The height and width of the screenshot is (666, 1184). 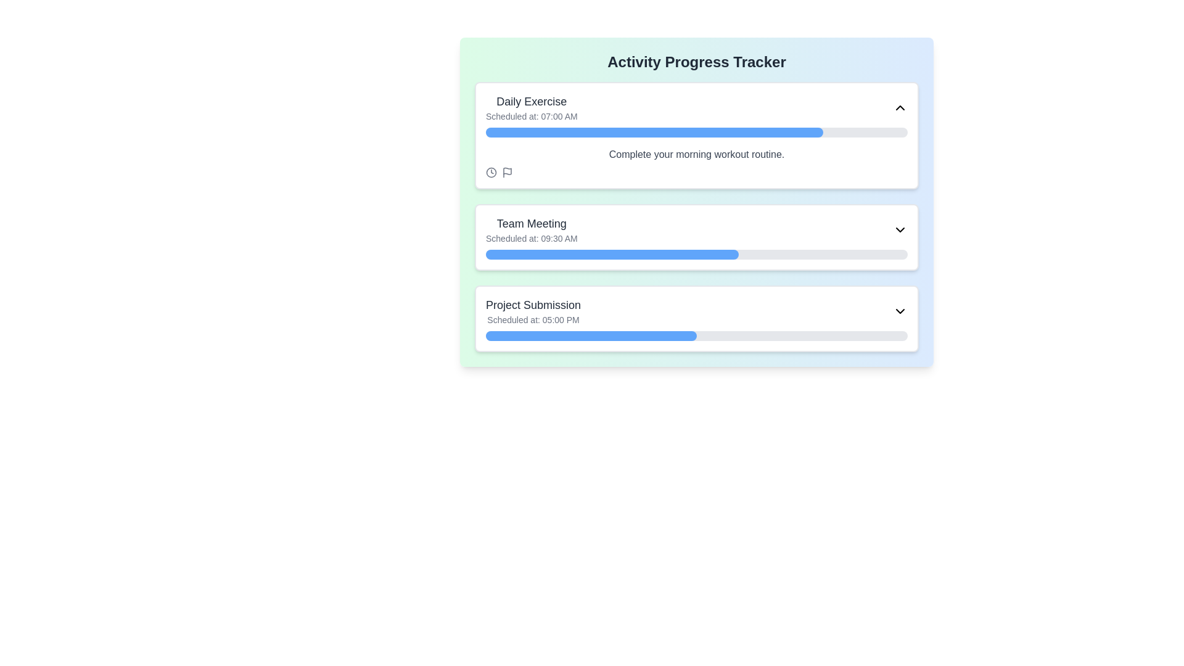 What do you see at coordinates (696, 162) in the screenshot?
I see `advisory text label located within the 'Daily Exercise' card, situated below the progress bar in the 'Activity Progress Tracker' interface` at bounding box center [696, 162].